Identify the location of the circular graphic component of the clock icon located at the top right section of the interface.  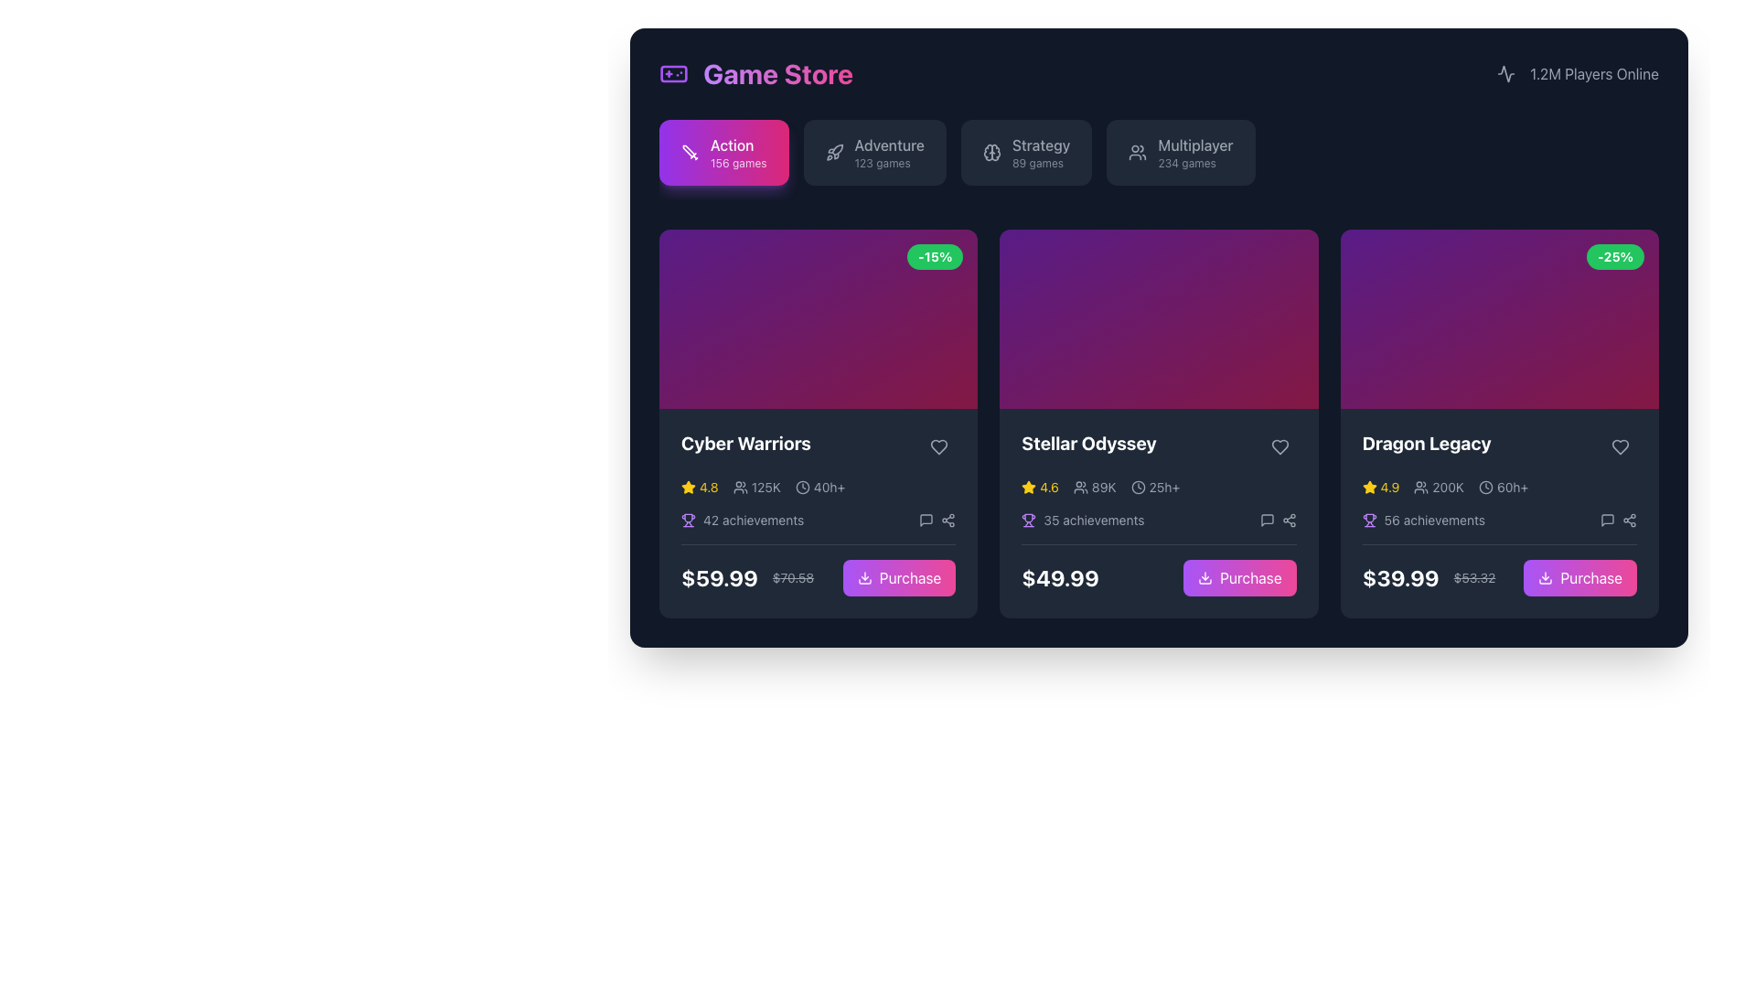
(1137, 486).